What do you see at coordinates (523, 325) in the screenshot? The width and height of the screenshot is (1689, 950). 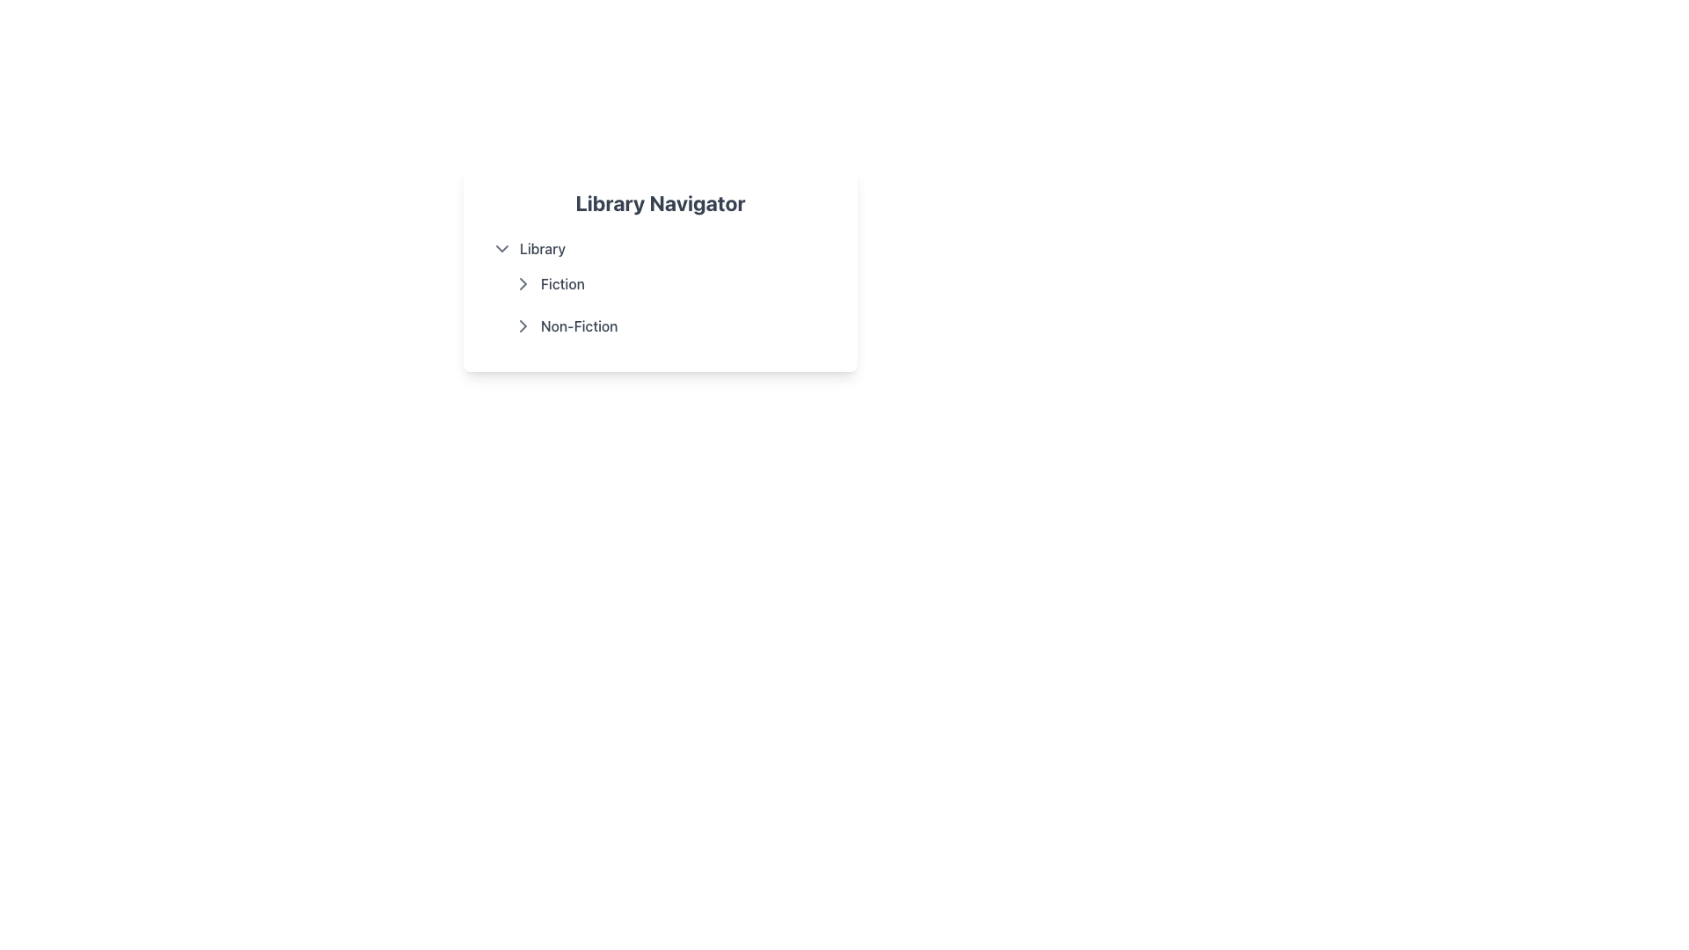 I see `the SVG icon indicating the expandable/collapsible state for the 'Fiction' list item in the Library section` at bounding box center [523, 325].